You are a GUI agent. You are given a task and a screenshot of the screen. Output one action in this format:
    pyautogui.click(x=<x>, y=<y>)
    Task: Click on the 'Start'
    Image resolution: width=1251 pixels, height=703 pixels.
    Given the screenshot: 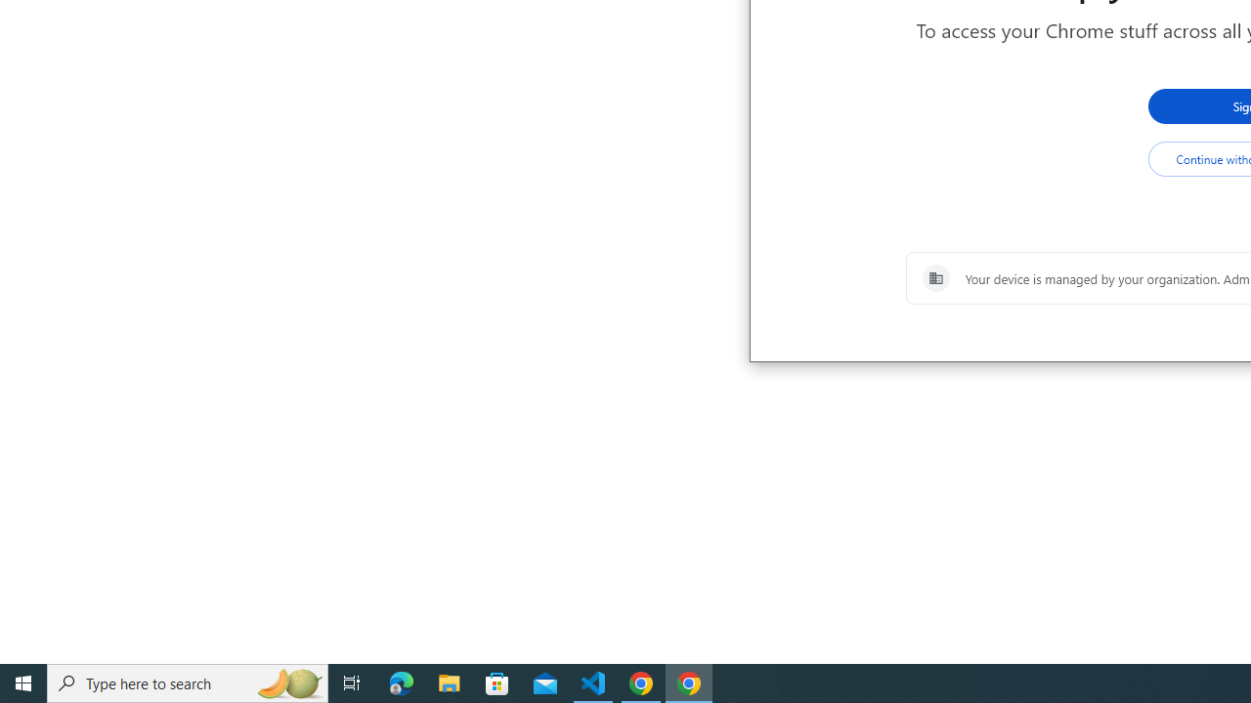 What is the action you would take?
    pyautogui.click(x=23, y=682)
    